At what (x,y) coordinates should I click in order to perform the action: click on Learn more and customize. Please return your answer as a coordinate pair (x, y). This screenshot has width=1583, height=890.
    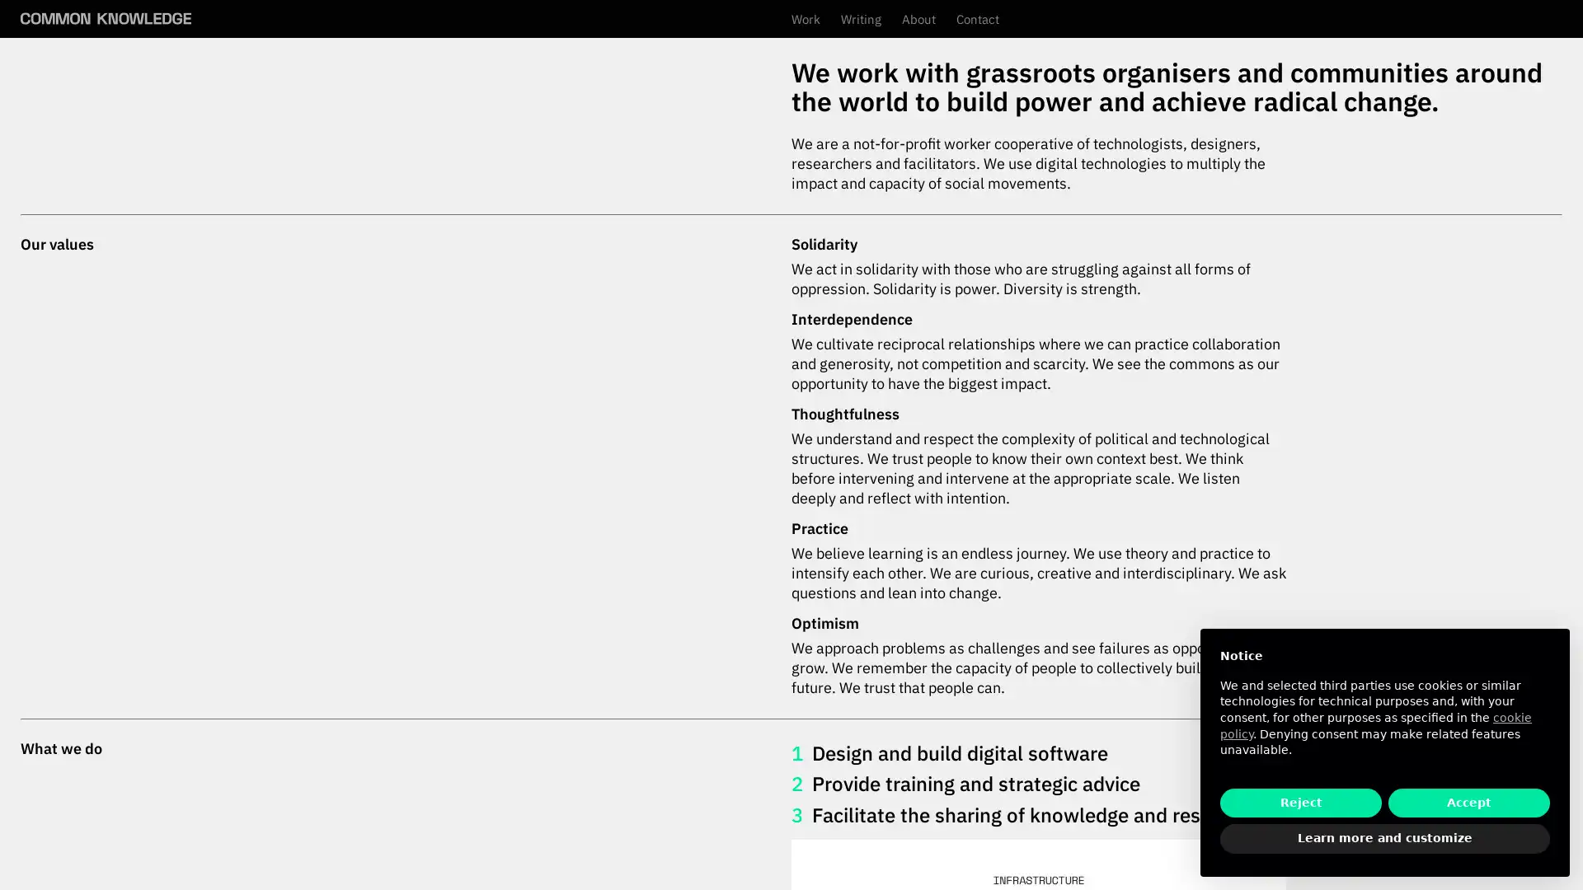
    Looking at the image, I should click on (1385, 839).